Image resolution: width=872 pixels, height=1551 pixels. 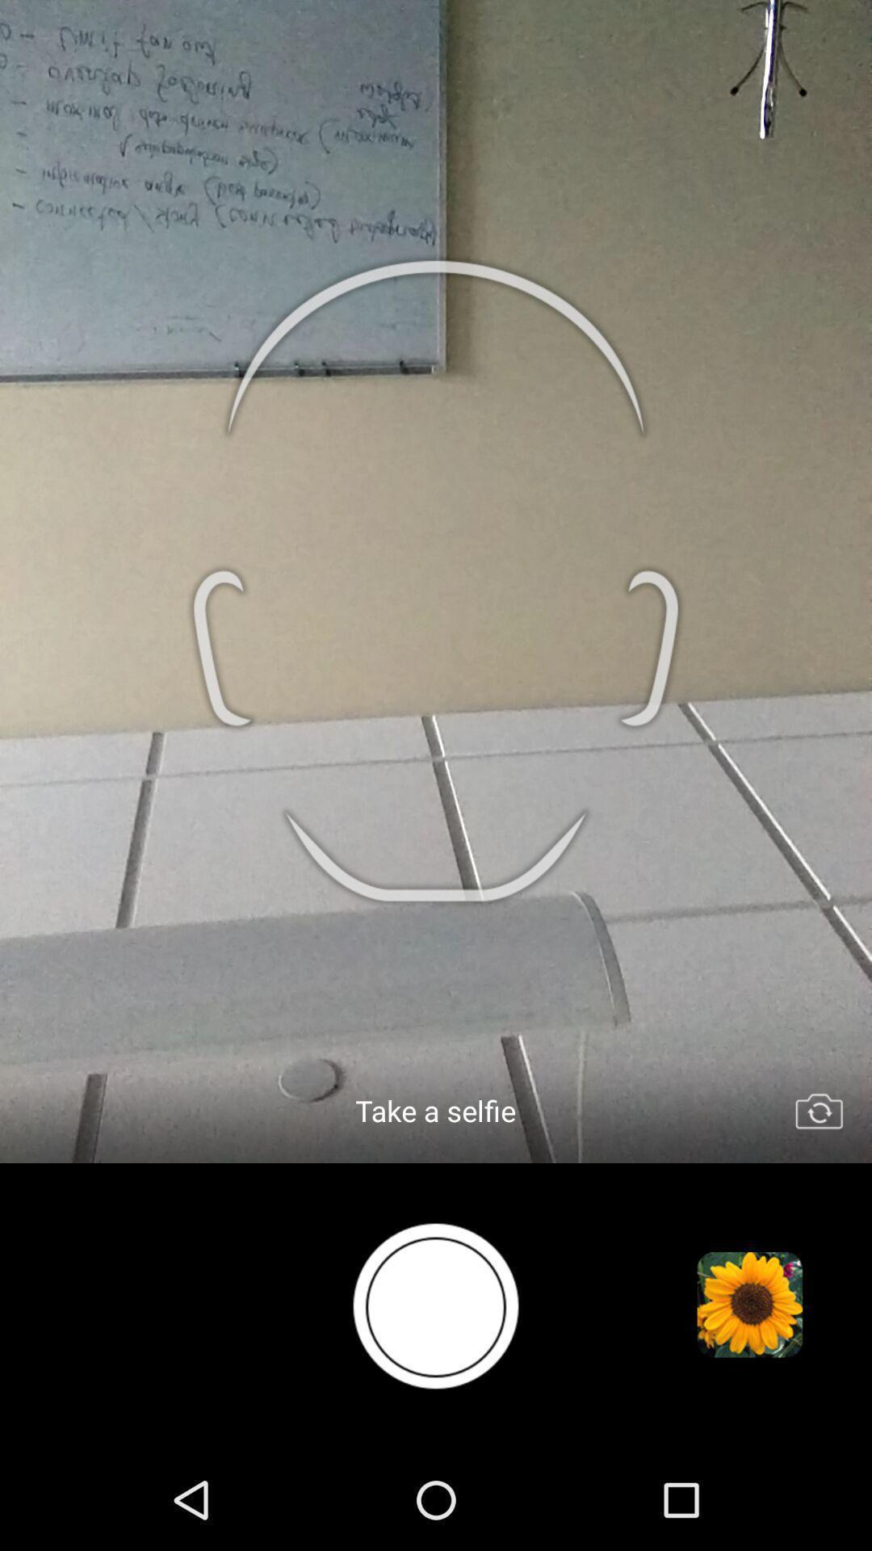 I want to click on the swap icon, so click(x=819, y=1188).